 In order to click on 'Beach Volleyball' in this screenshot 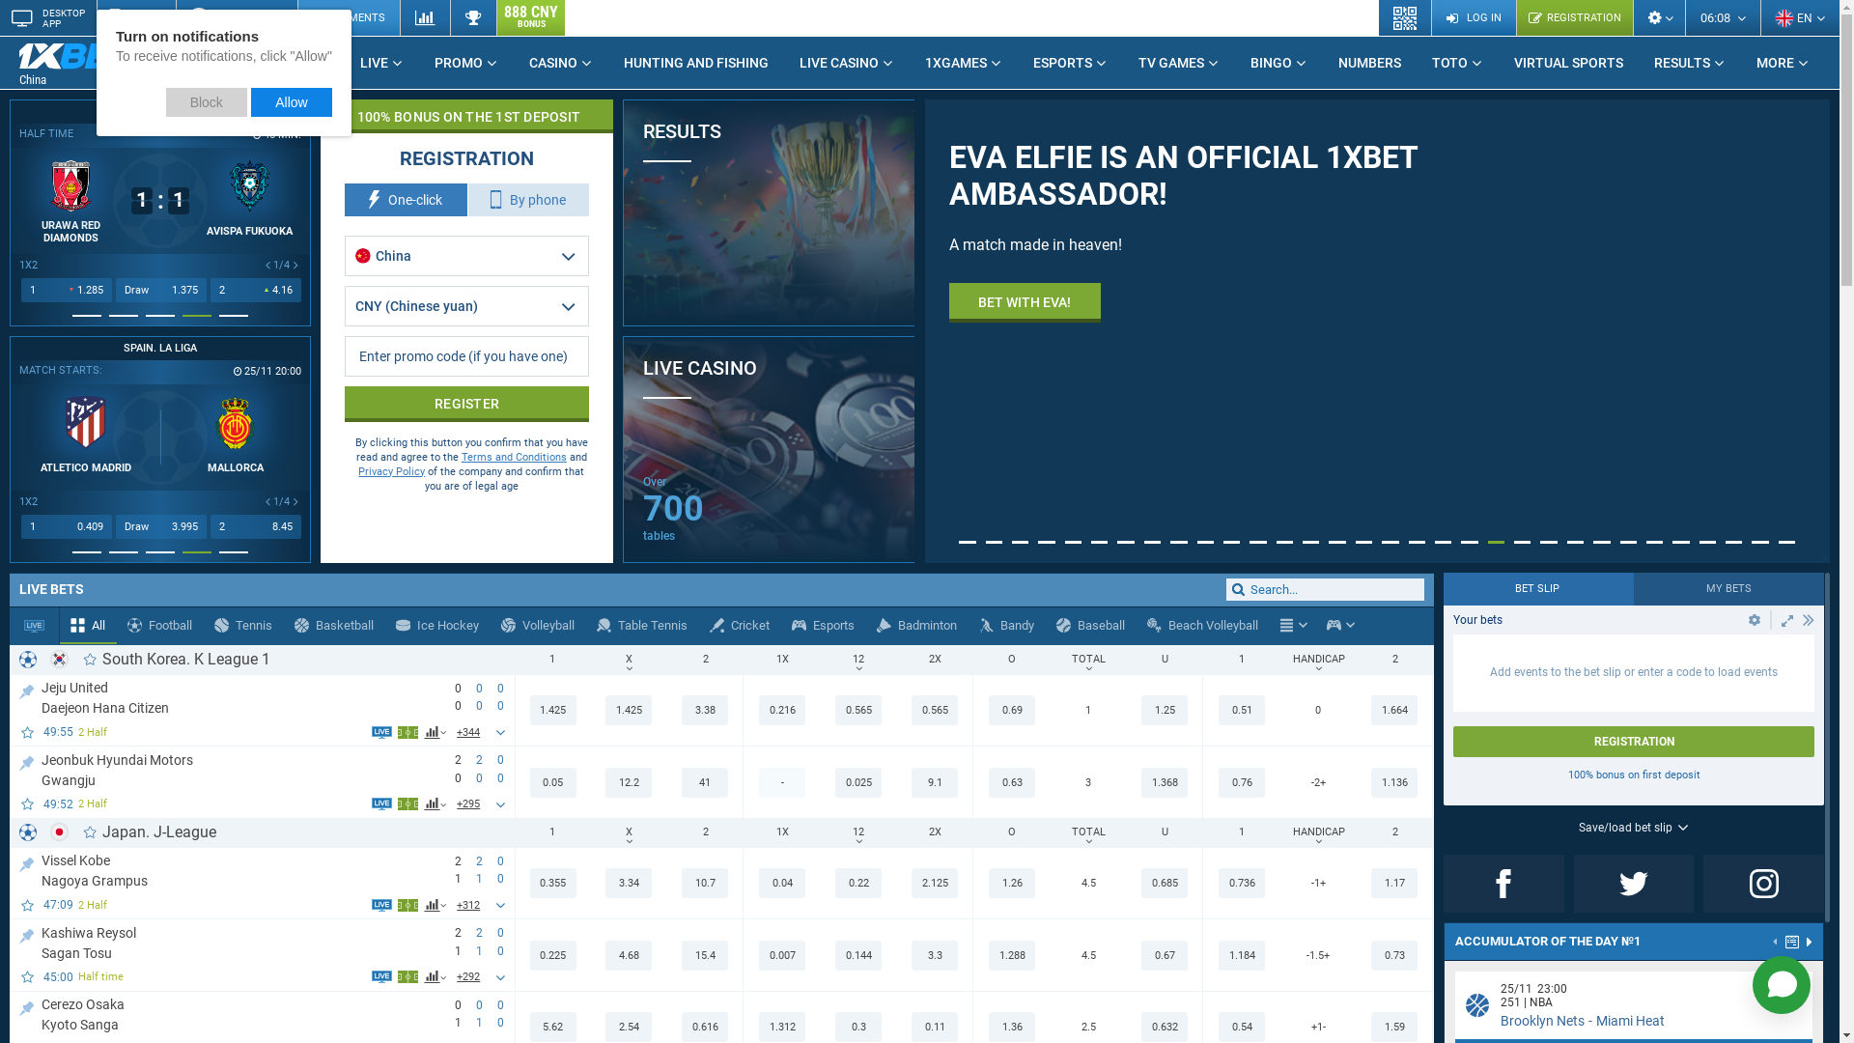, I will do `click(1202, 626)`.